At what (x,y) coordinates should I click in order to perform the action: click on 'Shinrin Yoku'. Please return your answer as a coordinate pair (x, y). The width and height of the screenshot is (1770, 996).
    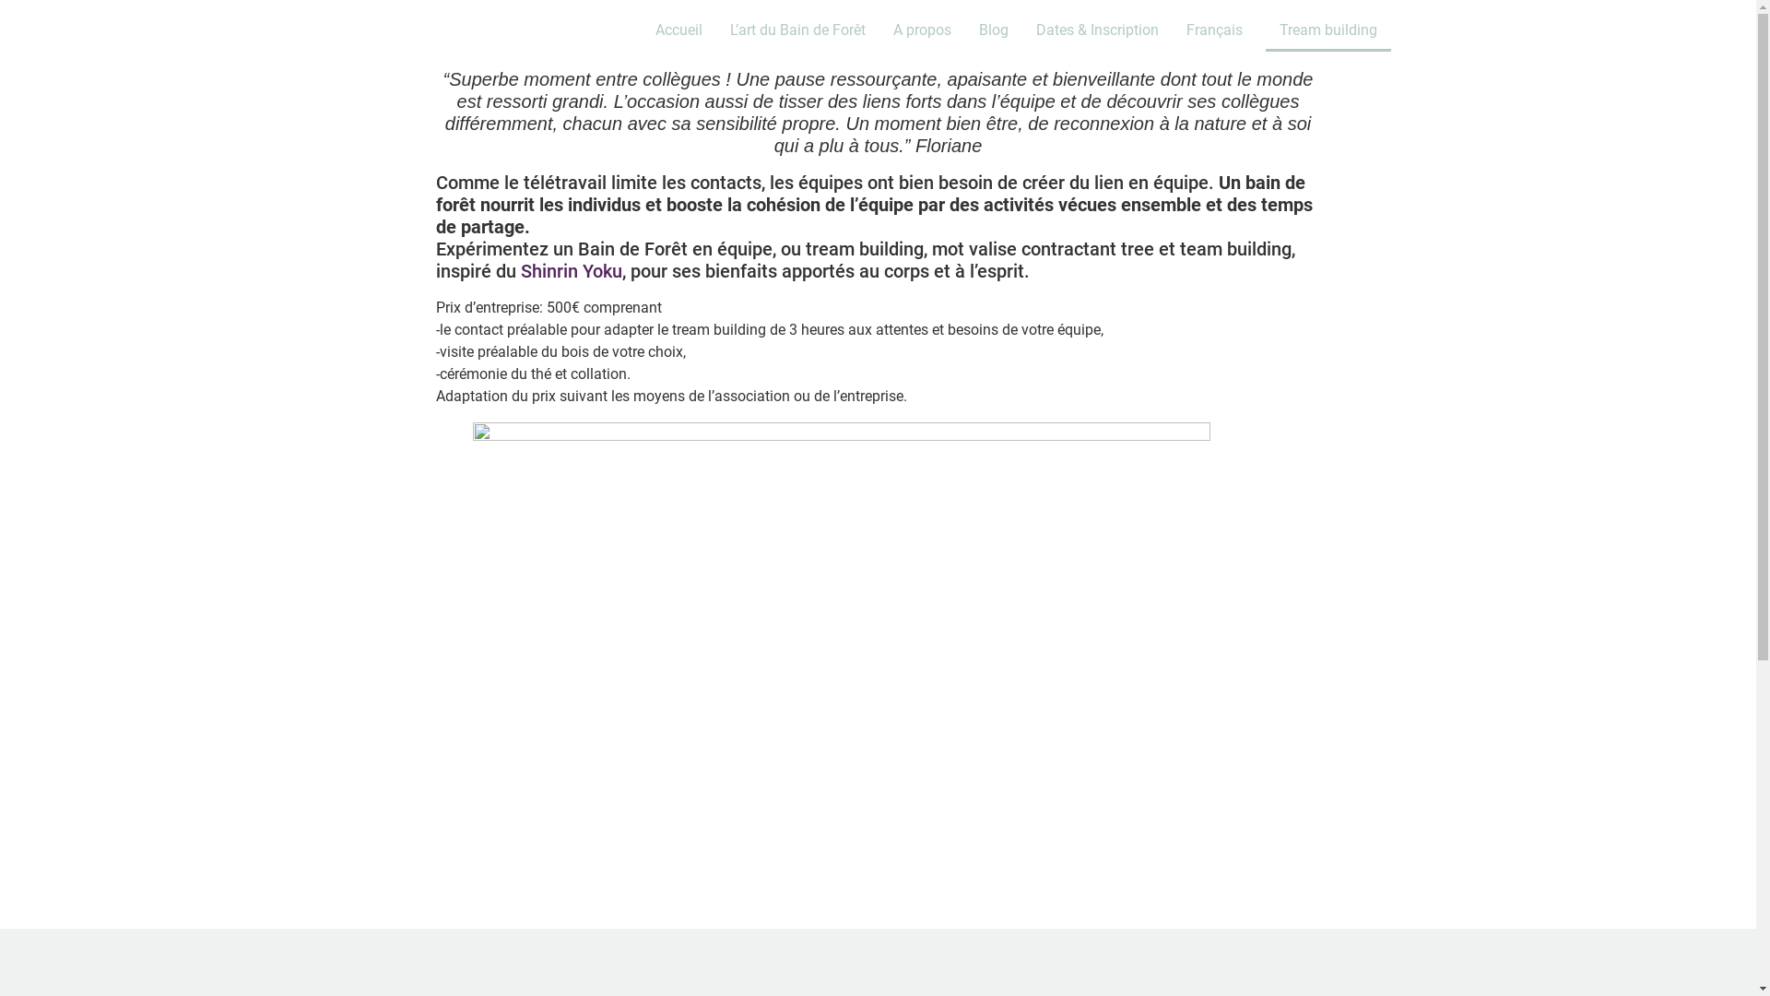
    Looking at the image, I should click on (570, 270).